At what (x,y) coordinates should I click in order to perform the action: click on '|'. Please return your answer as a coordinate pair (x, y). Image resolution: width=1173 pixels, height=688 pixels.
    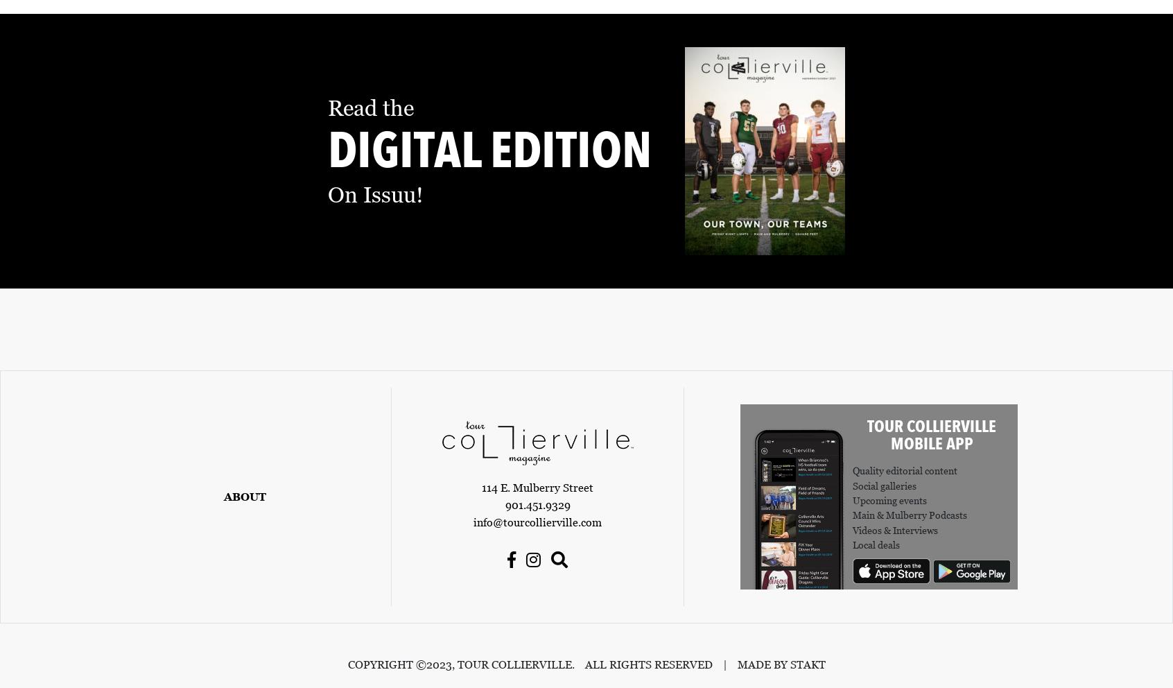
    Looking at the image, I should click on (721, 664).